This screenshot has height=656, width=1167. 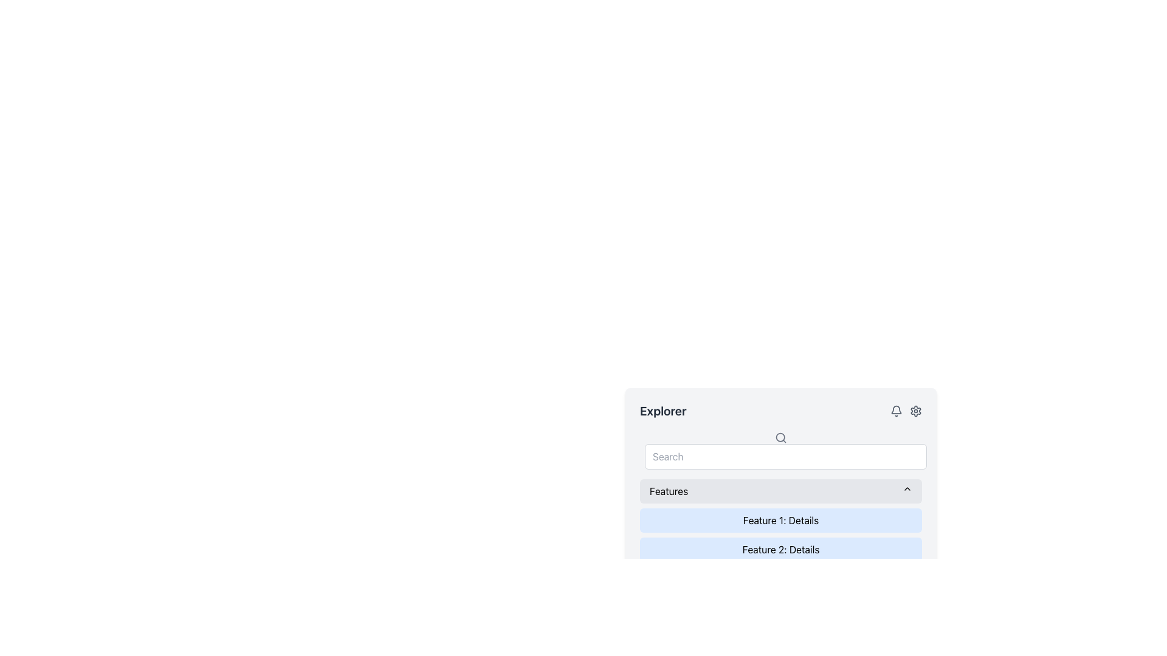 What do you see at coordinates (916, 411) in the screenshot?
I see `the gear-shaped icon segment in the top-right corner of the interface, which is part of a settings toolbar adjacent to a notification icon` at bounding box center [916, 411].